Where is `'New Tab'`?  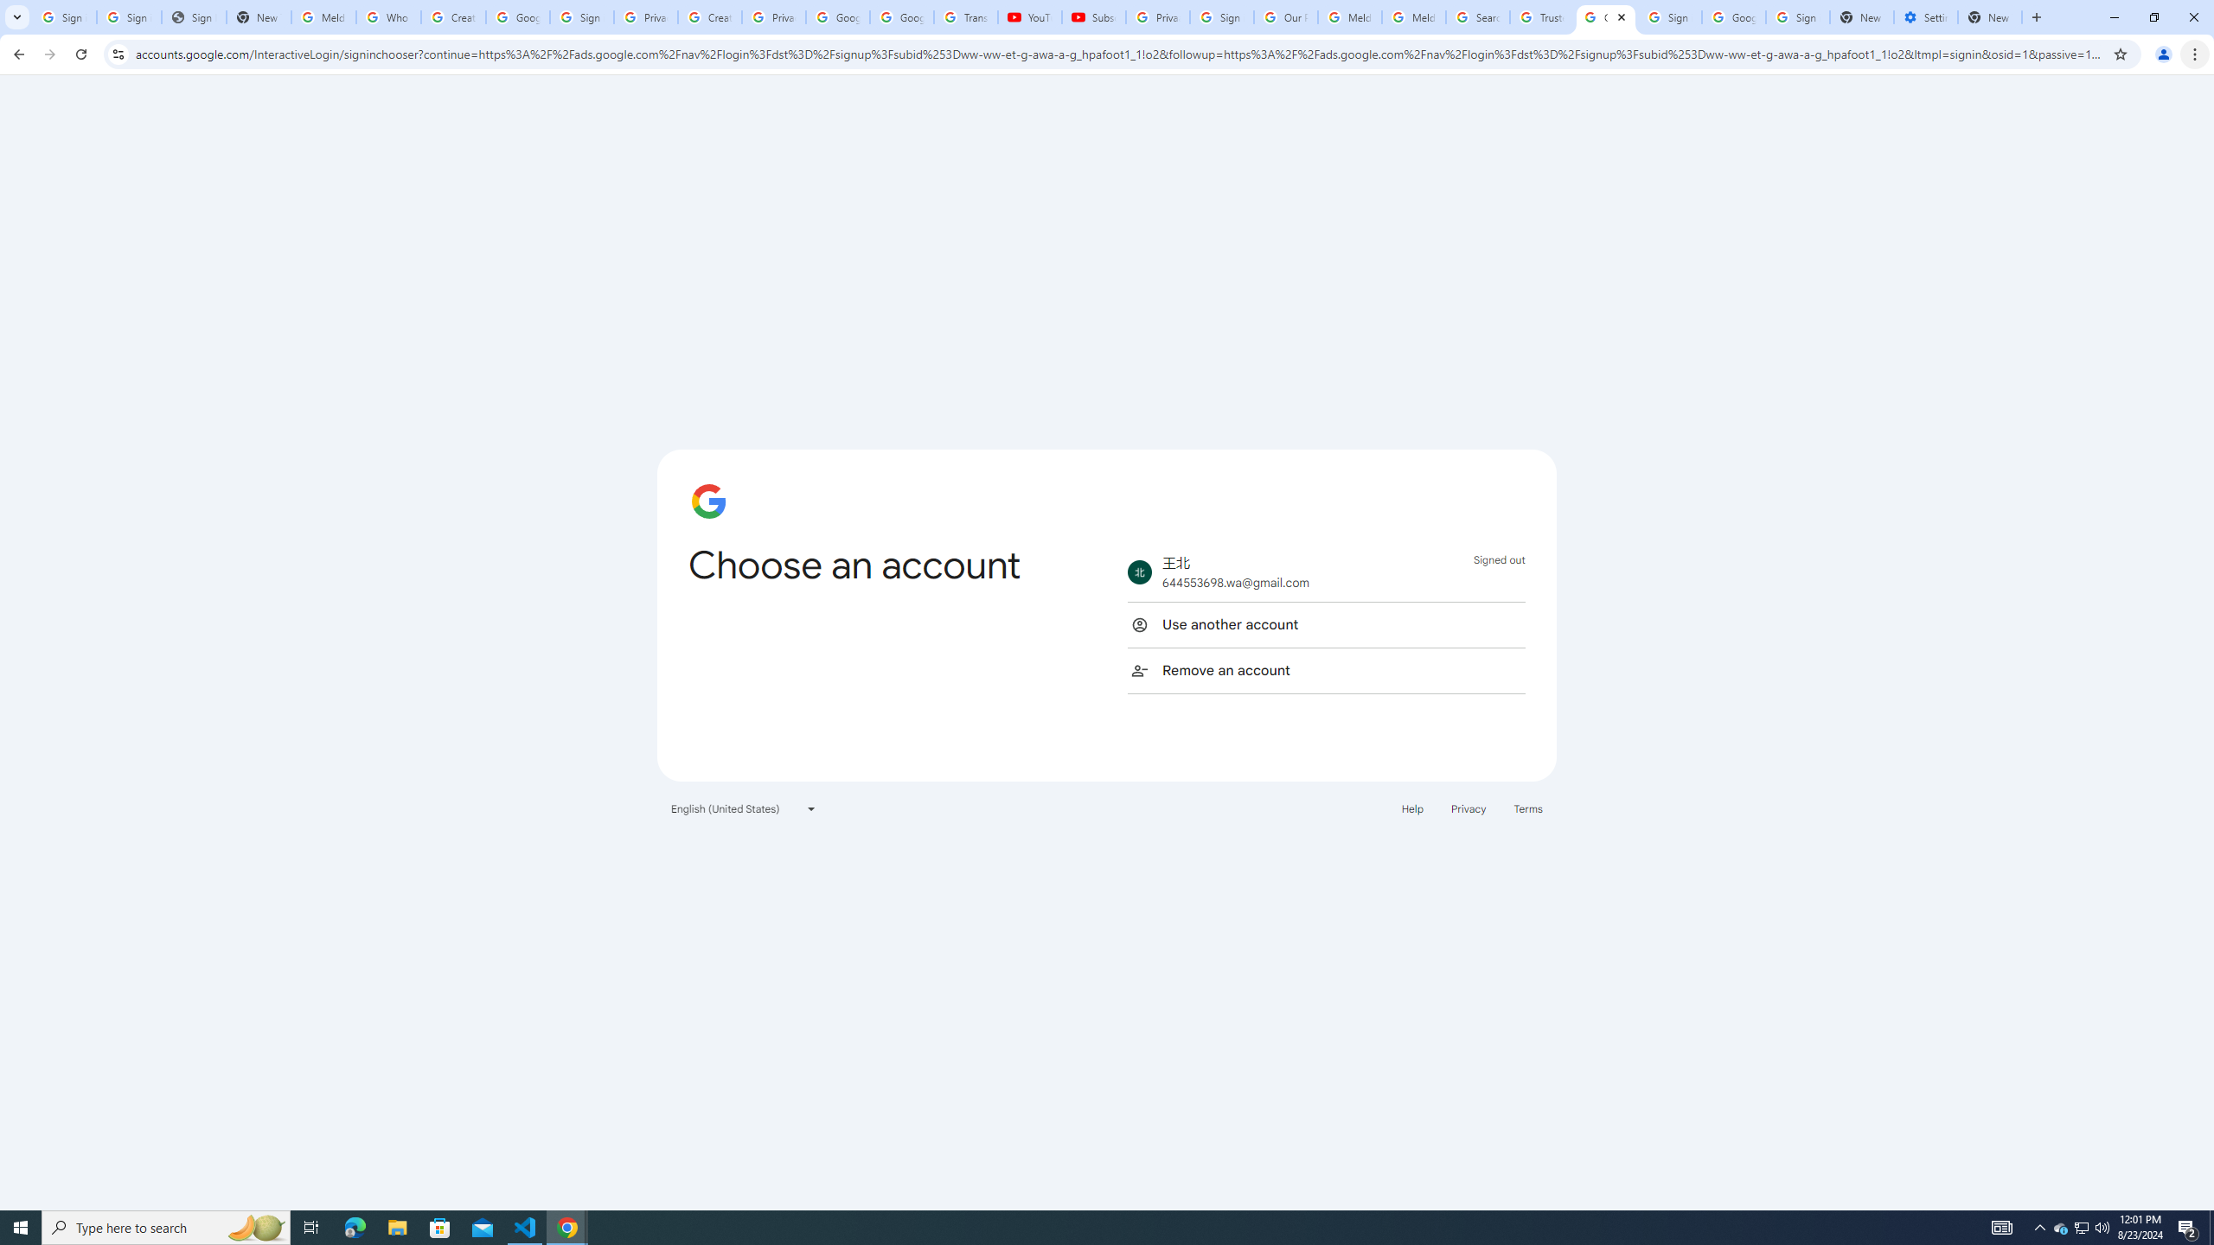
'New Tab' is located at coordinates (2034, 16).